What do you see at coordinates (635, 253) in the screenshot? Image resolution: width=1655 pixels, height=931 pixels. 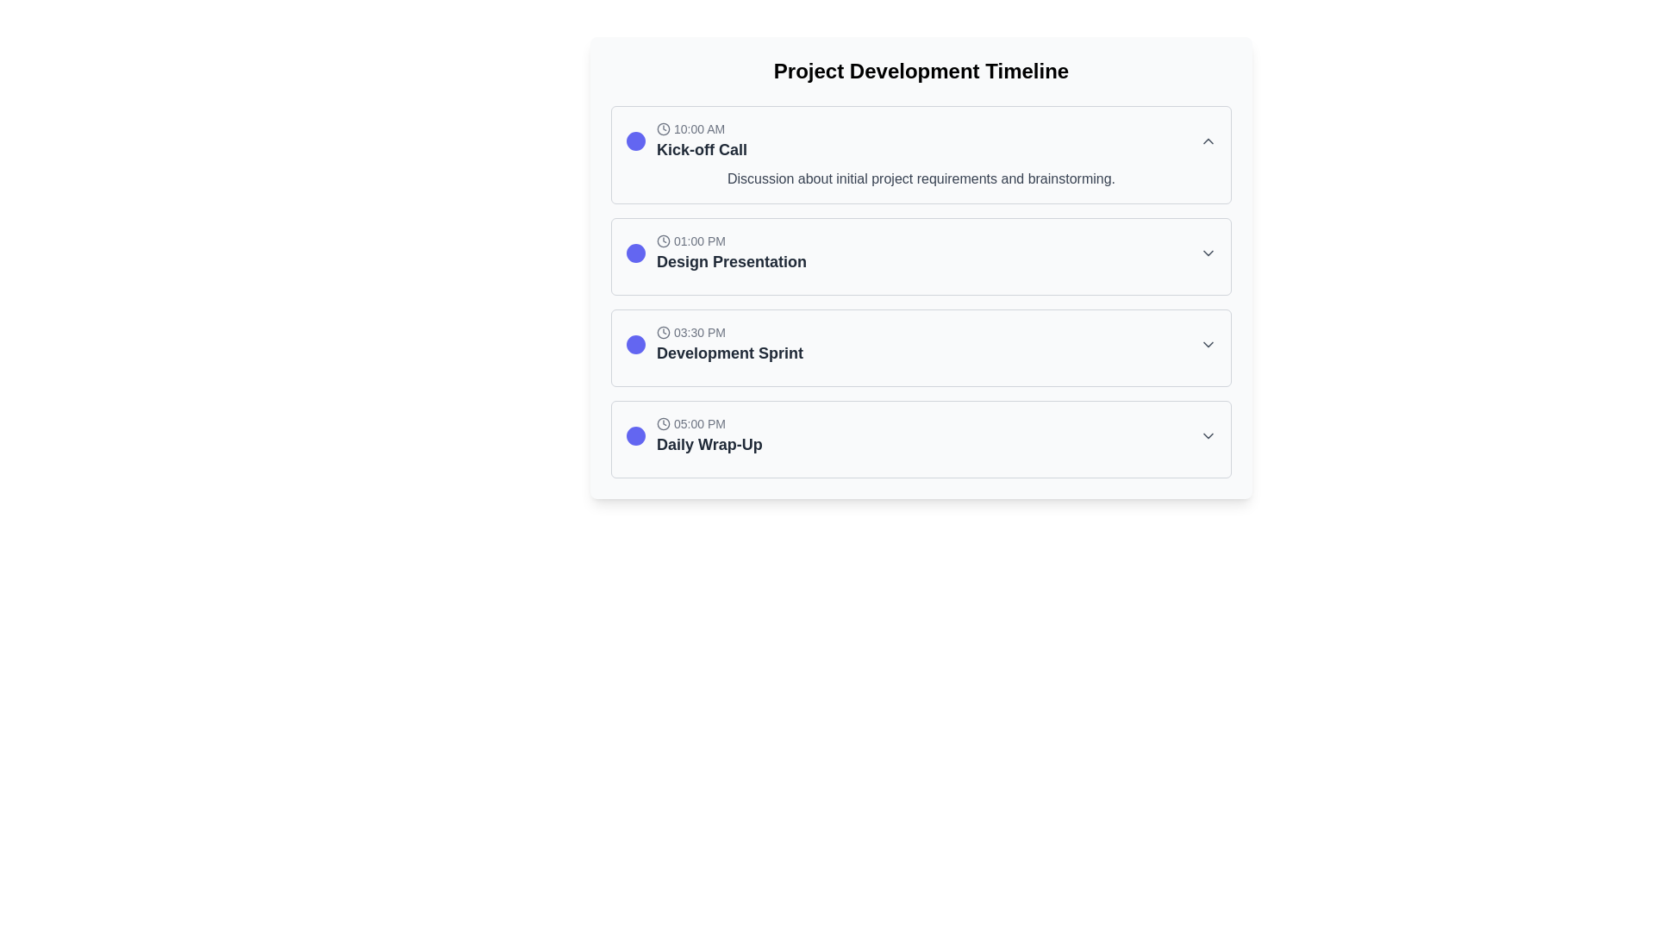 I see `the indigo circular icon located to the left of the '01:00 PM Design Presentation' text` at bounding box center [635, 253].